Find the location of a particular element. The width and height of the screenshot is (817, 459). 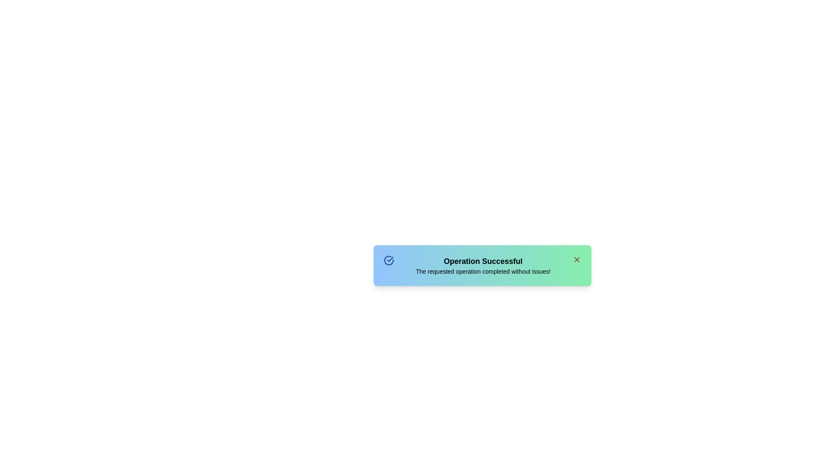

the icon to examine its details is located at coordinates (388, 260).